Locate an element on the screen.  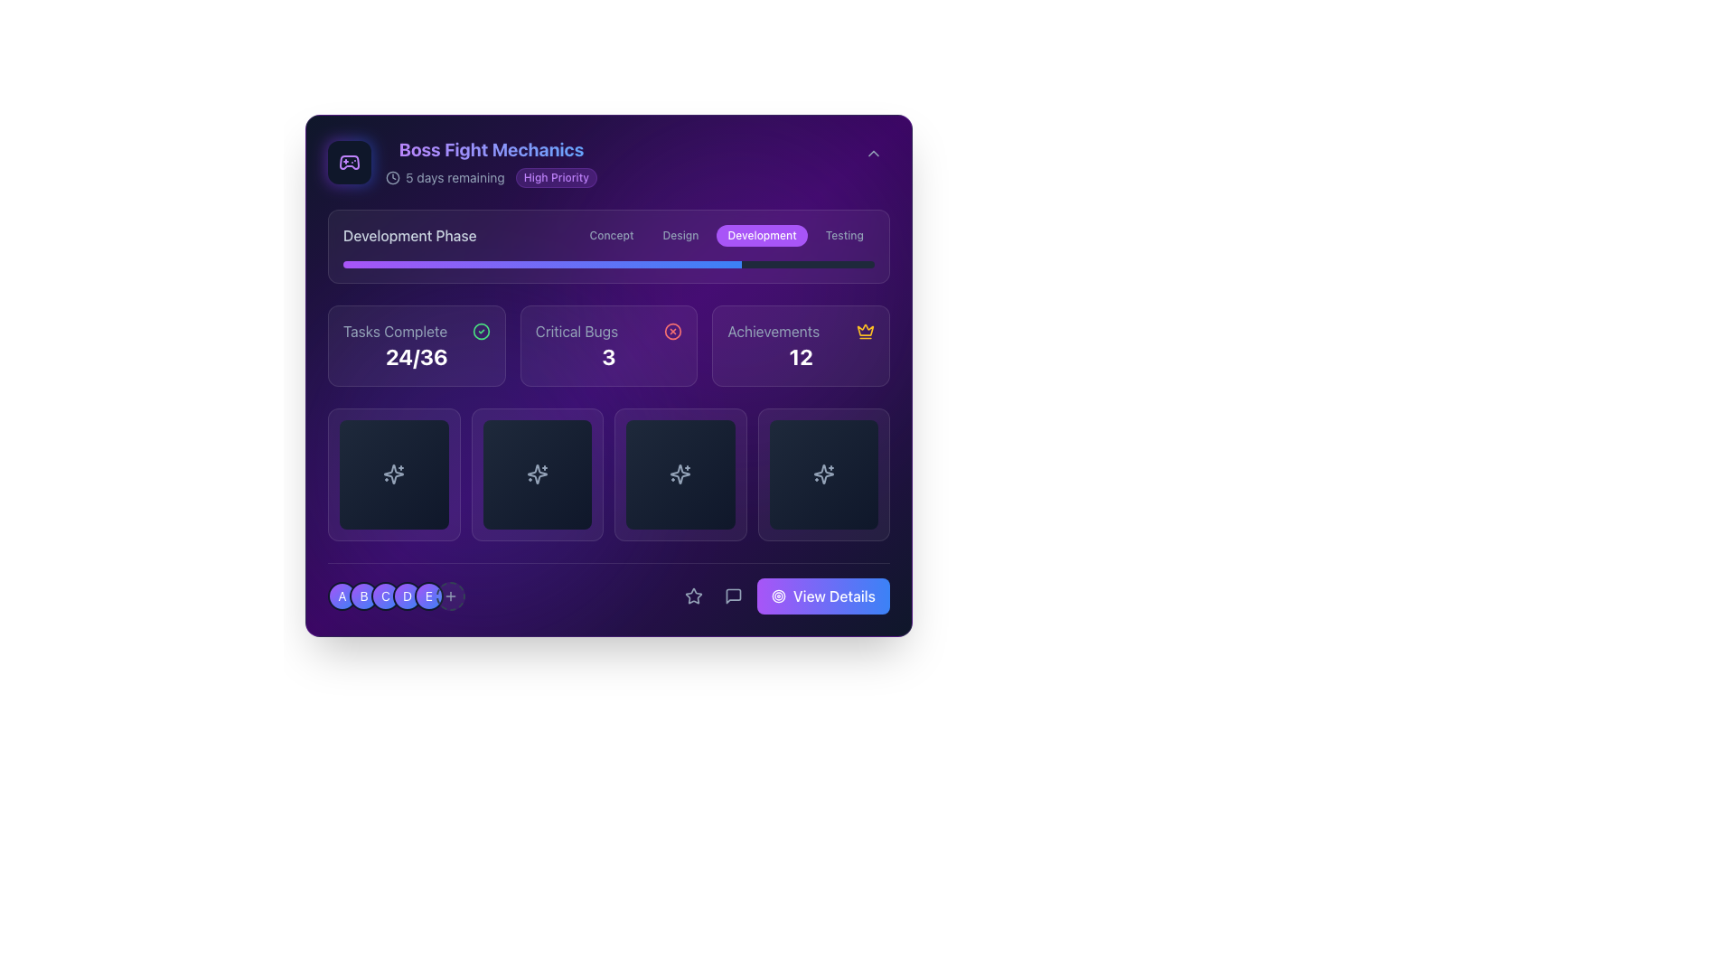
the gaming-related icon positioned at the top-left corner, adjacent to the title text 'Boss Fight Mechanics' is located at coordinates (350, 163).